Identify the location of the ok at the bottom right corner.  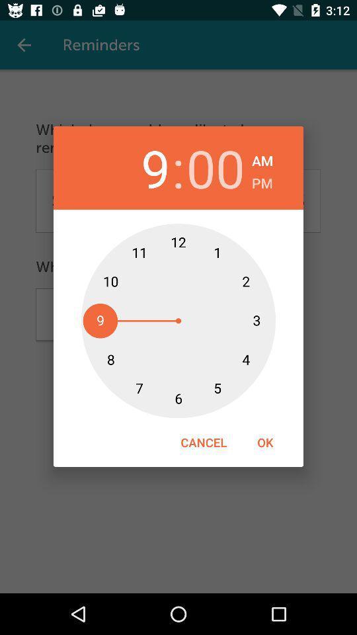
(265, 443).